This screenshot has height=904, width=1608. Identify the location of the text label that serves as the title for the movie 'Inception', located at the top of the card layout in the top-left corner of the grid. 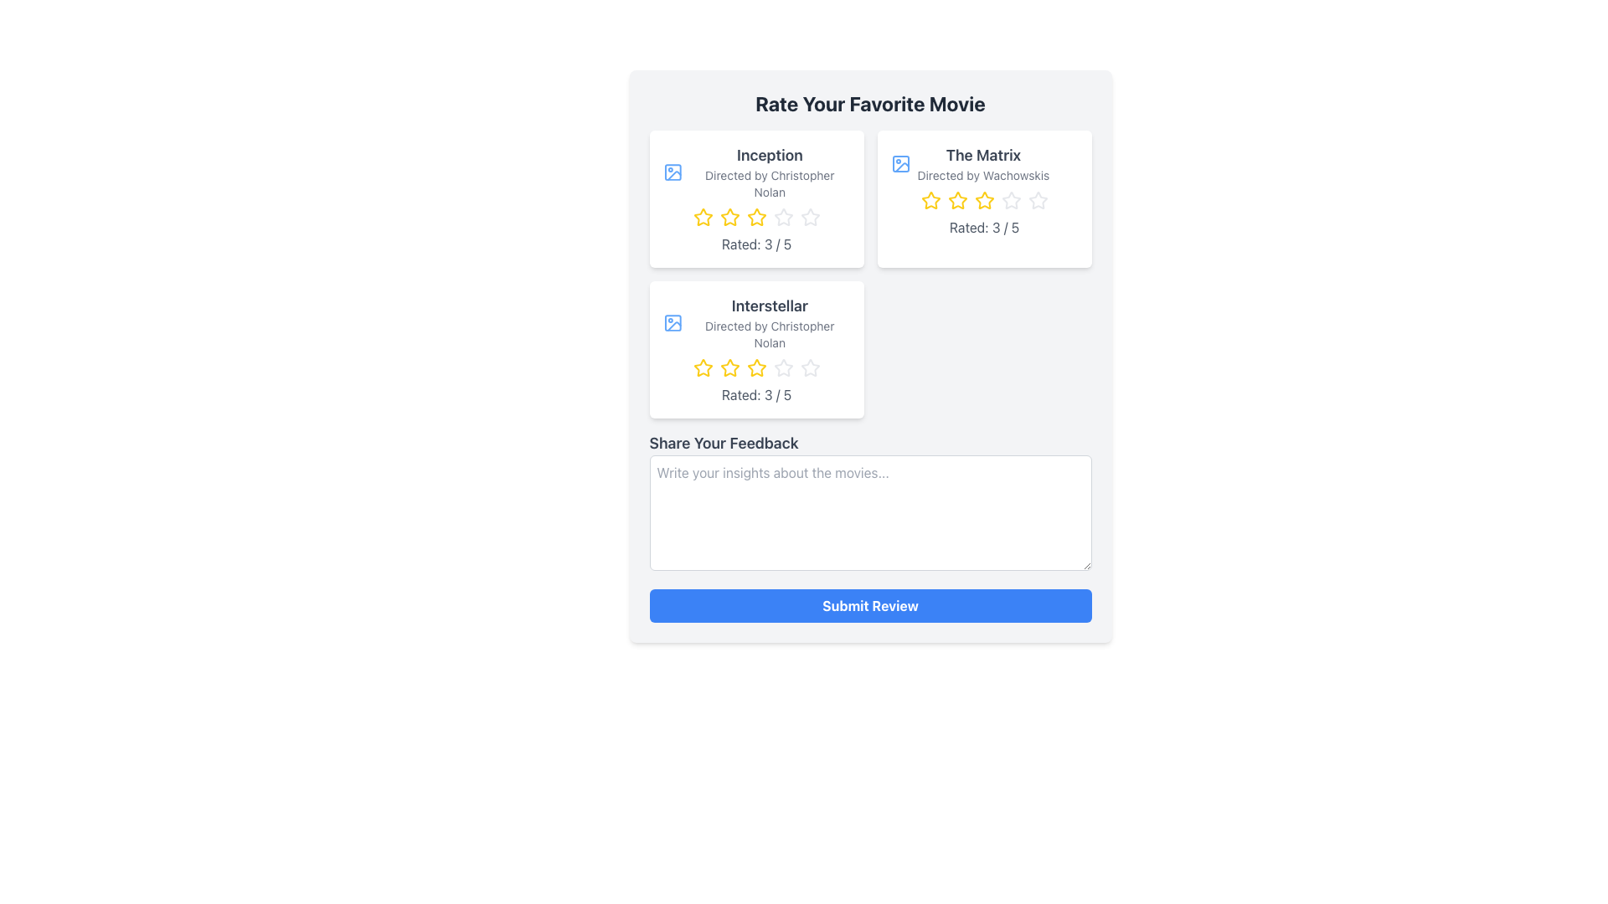
(769, 155).